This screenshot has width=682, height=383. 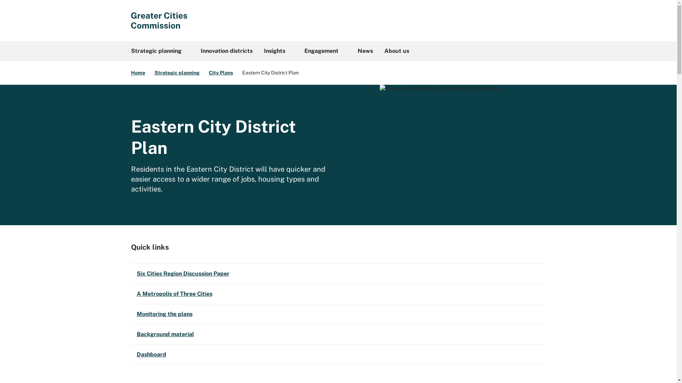 I want to click on 'A Metropolis of Three Cities', so click(x=337, y=294).